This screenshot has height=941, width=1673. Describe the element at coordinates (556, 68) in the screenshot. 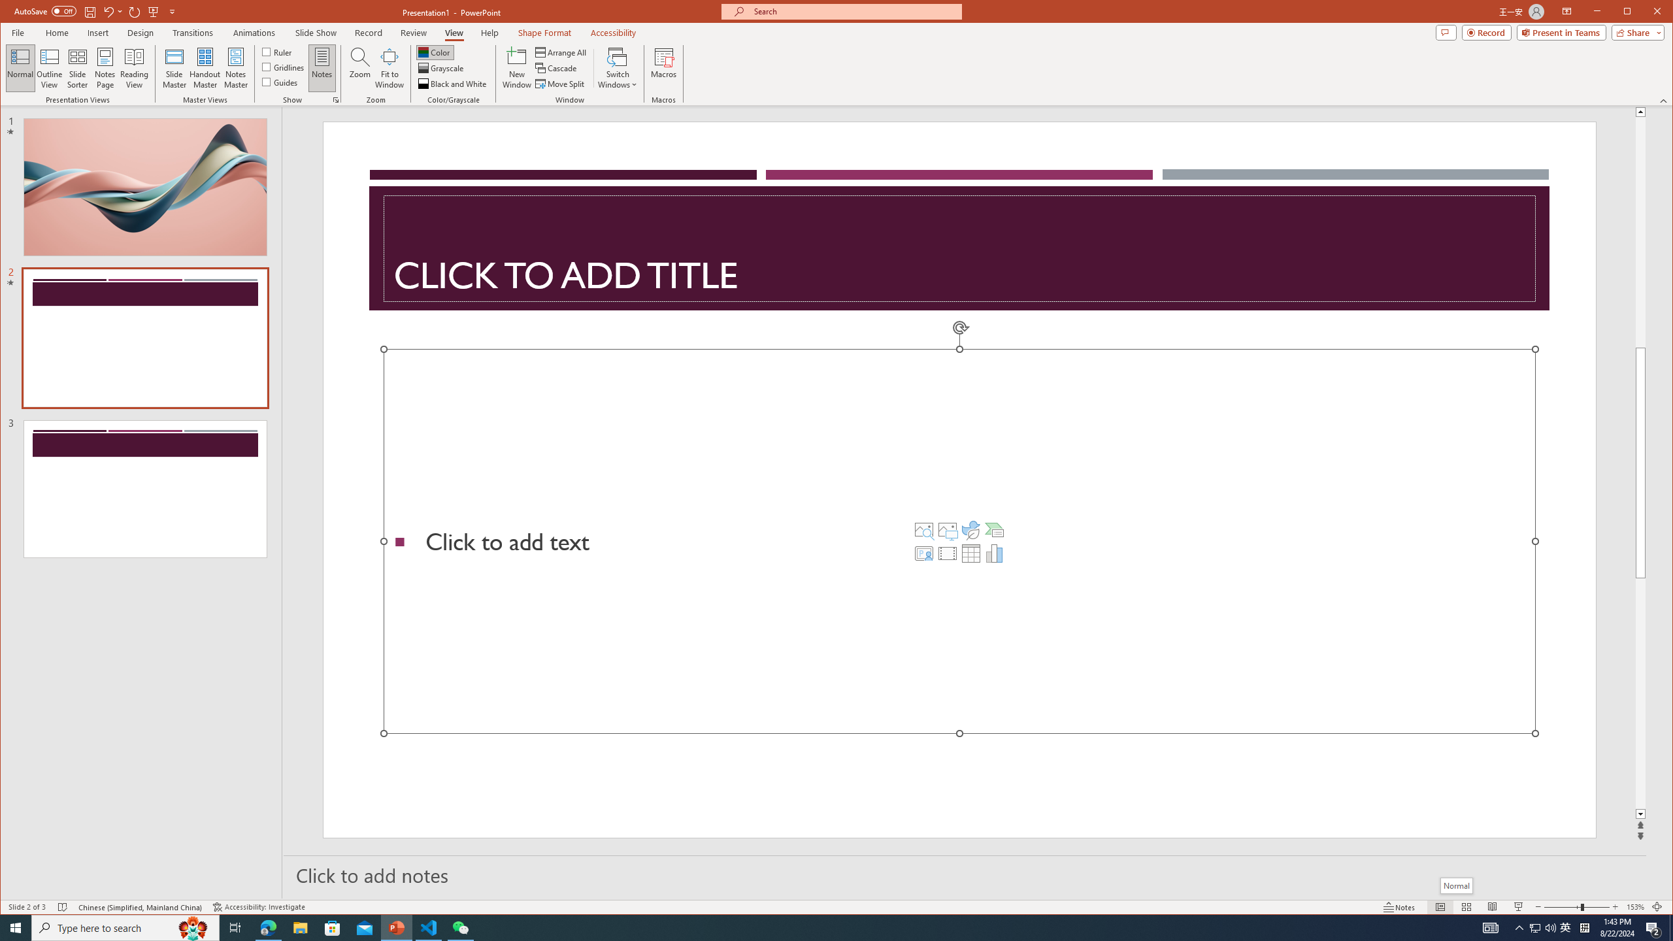

I see `'Cascade'` at that location.